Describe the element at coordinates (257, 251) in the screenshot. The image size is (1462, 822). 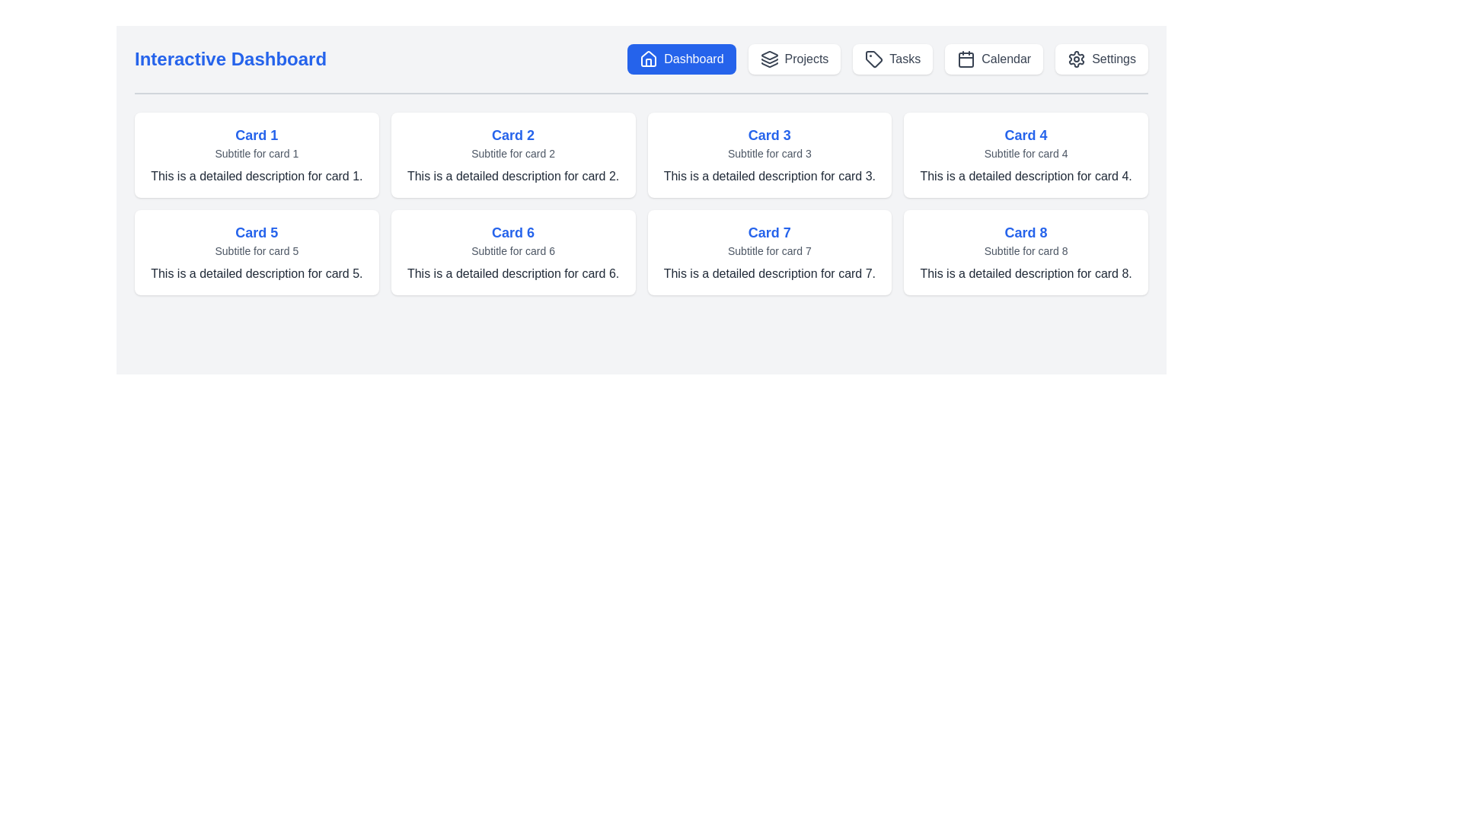
I see `the fifth card in the dashboard interface, which serves as an informative or navigational component and is located in the second row, first column` at that location.